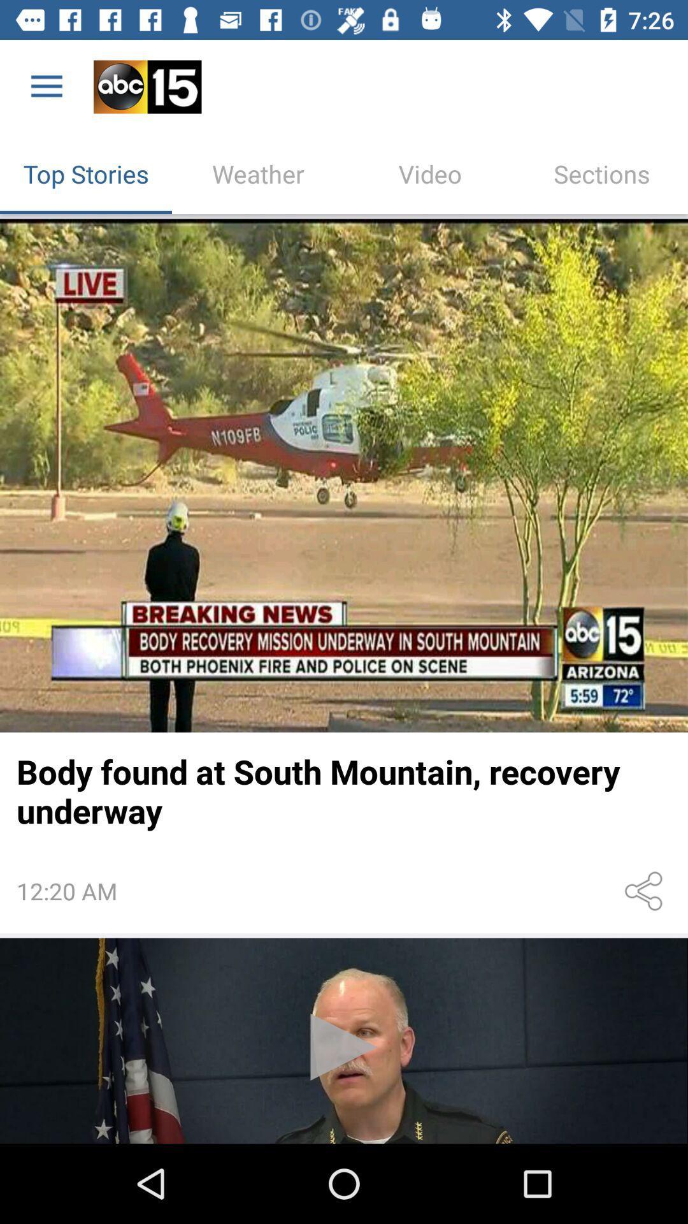 The height and width of the screenshot is (1224, 688). I want to click on the image next to the menu icon, so click(147, 87).